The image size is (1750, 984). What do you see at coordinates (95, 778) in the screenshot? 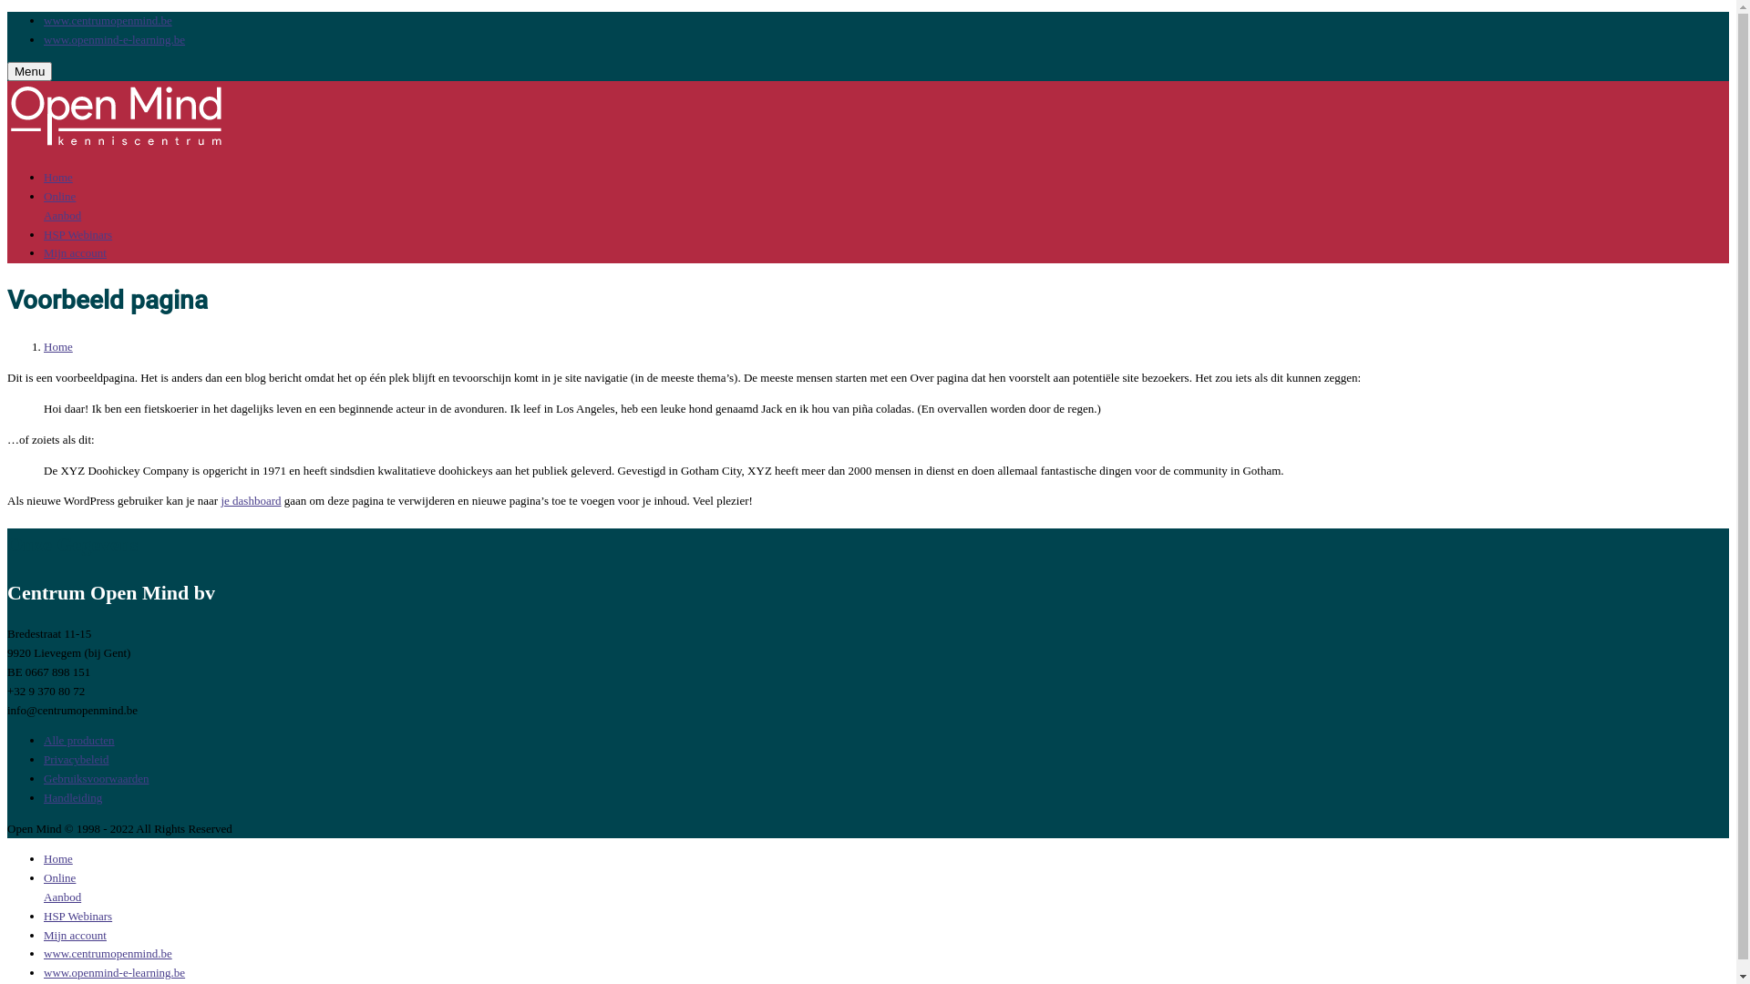
I see `'Gebruiksvoorwaarden'` at bounding box center [95, 778].